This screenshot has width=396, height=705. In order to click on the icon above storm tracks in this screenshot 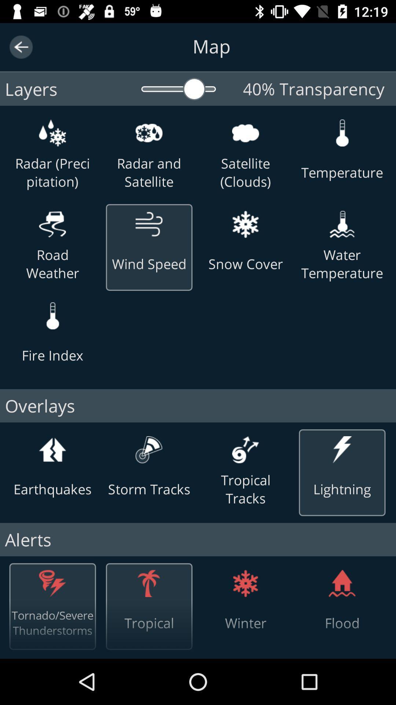, I will do `click(148, 449)`.